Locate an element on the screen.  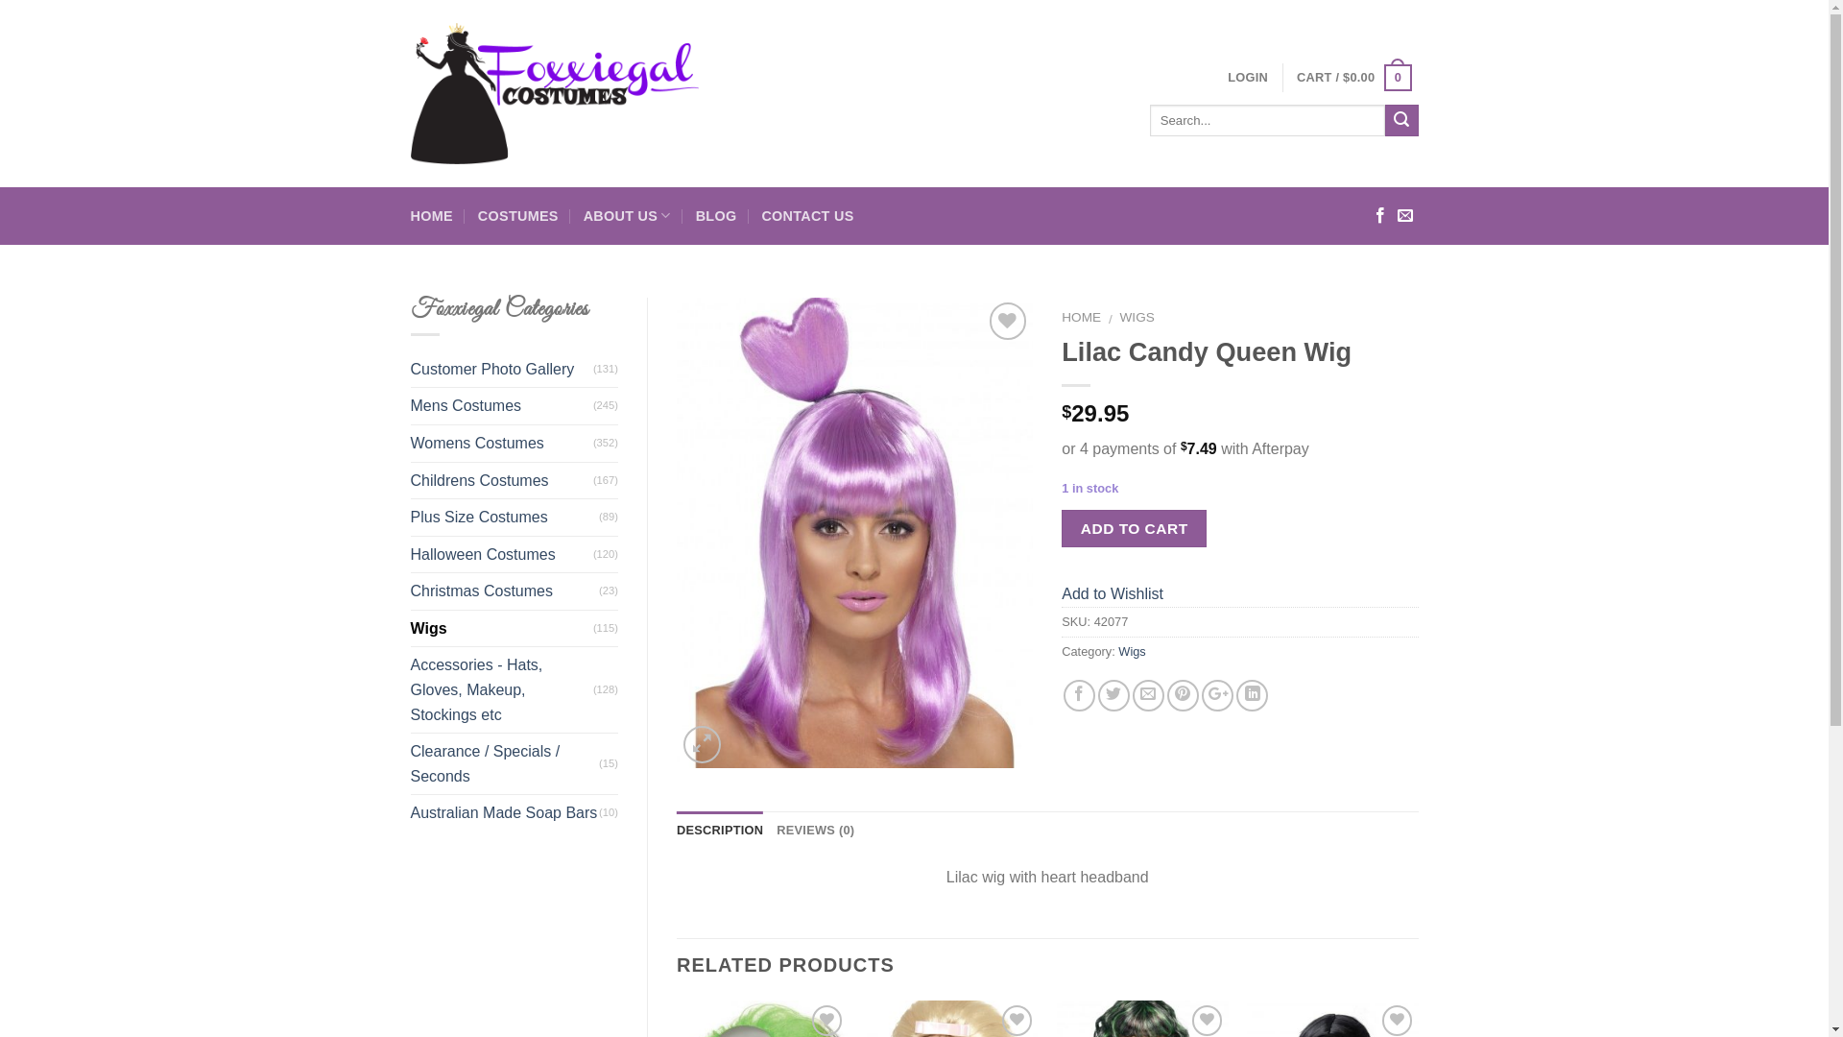
'HOME' is located at coordinates (1060, 316).